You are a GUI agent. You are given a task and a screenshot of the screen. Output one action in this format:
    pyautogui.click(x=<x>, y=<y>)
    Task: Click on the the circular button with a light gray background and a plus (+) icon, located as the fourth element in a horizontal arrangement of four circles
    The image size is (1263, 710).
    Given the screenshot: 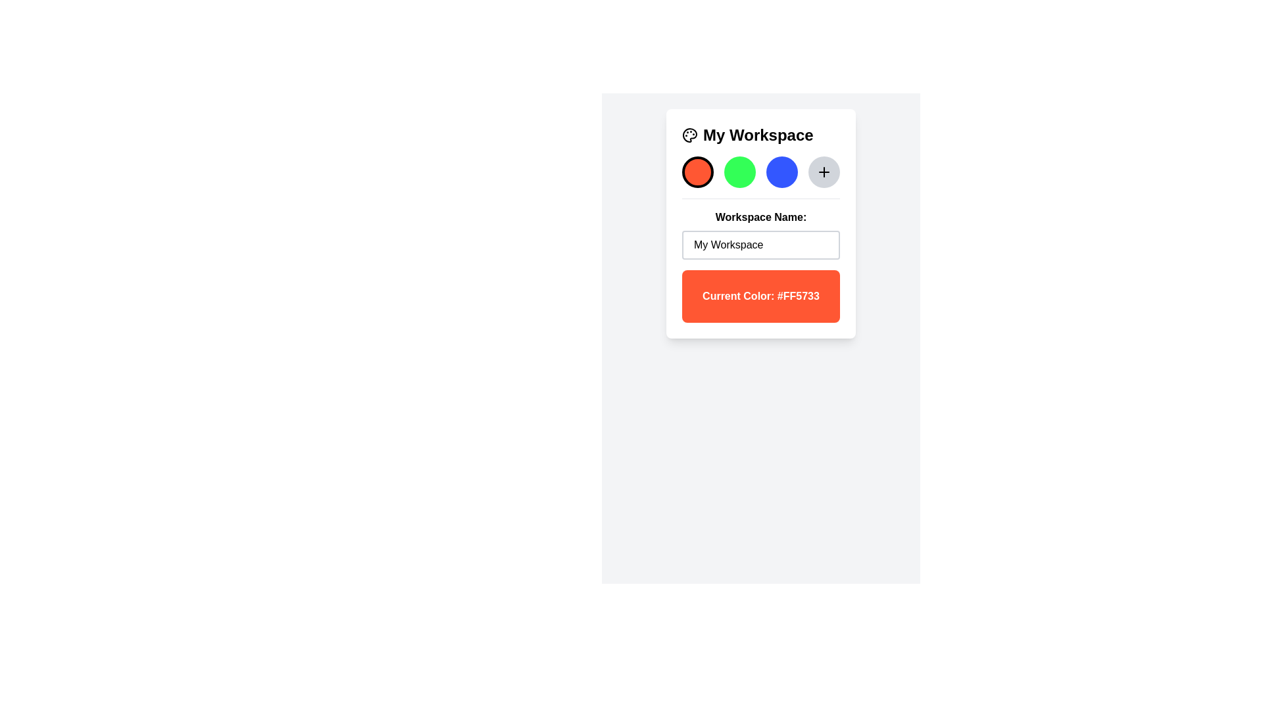 What is the action you would take?
    pyautogui.click(x=823, y=172)
    